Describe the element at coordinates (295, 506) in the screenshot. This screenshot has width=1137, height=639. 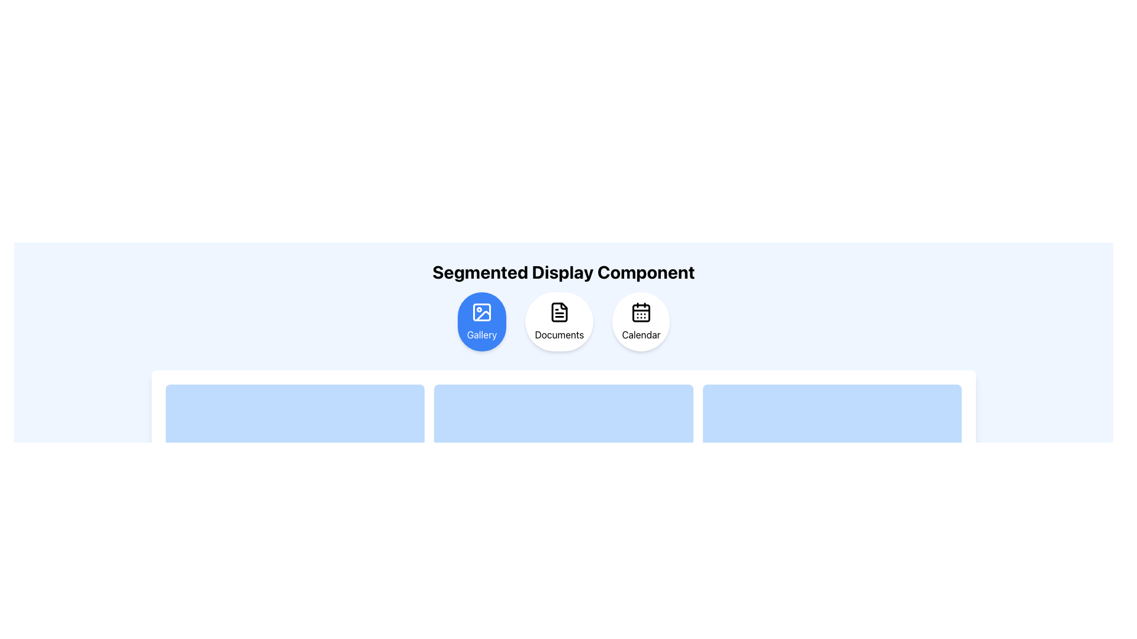
I see `the first element in the second row of the grid, which is a light blue card-like UI component with rounded corners` at that location.